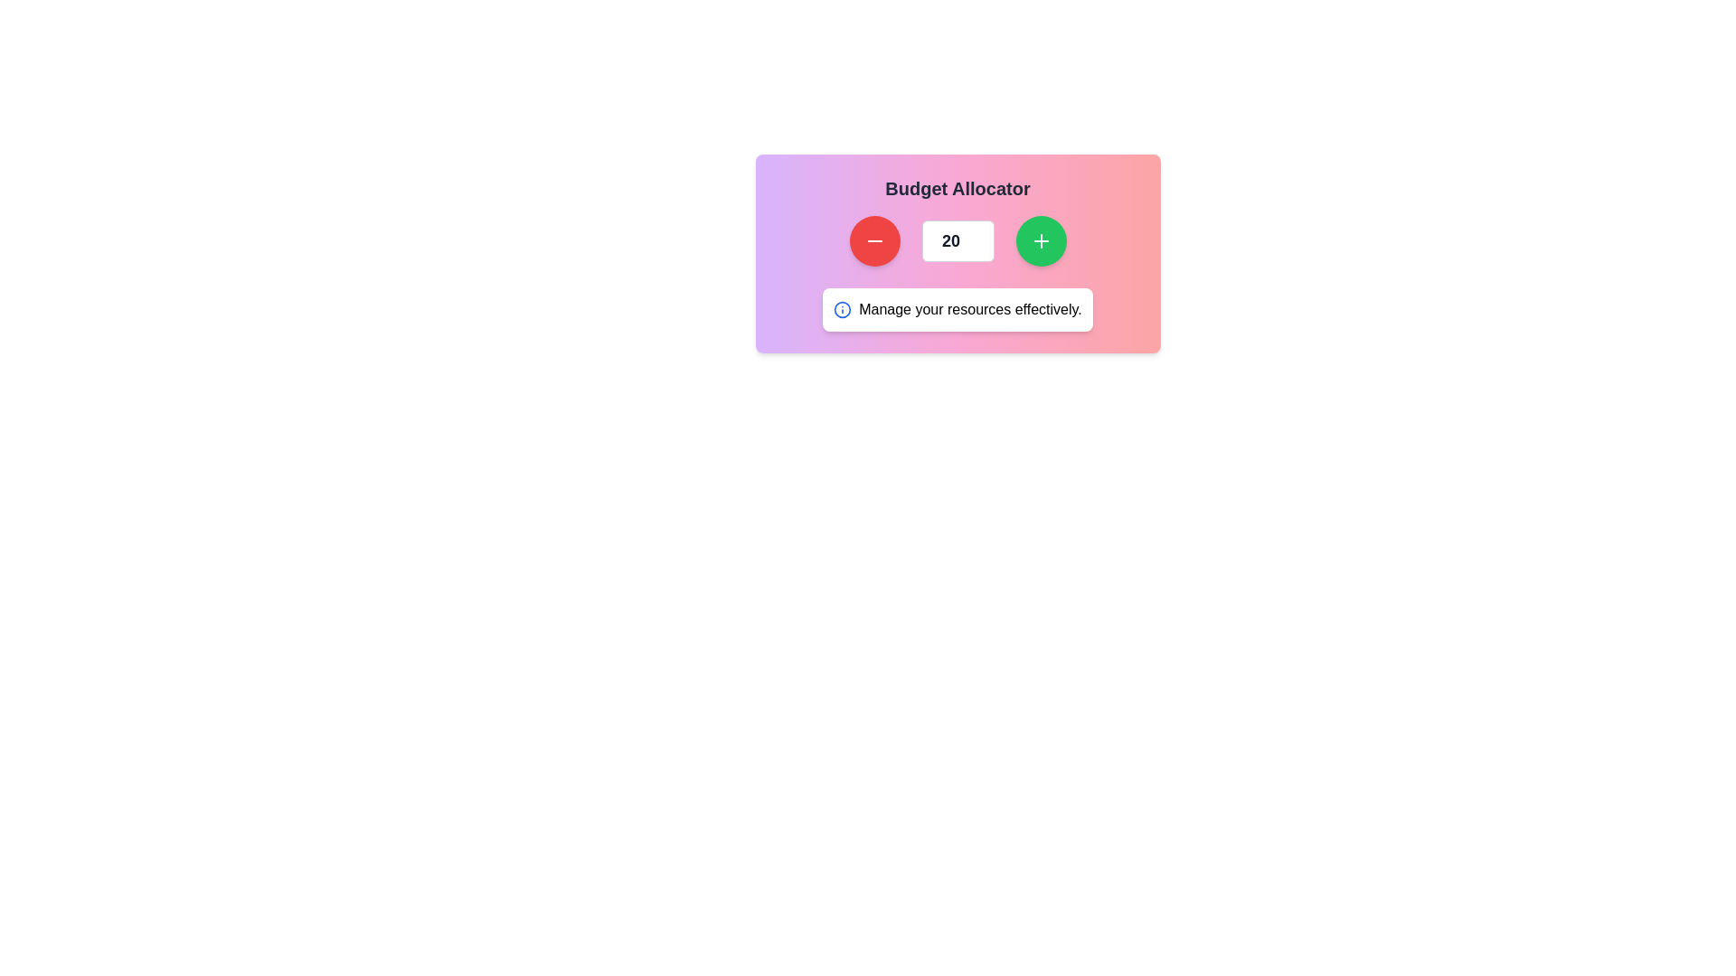 Image resolution: width=1736 pixels, height=976 pixels. What do you see at coordinates (957, 309) in the screenshot?
I see `the informational label containing the text 'Manage your resources effectively.' and an informational icon styled in blue` at bounding box center [957, 309].